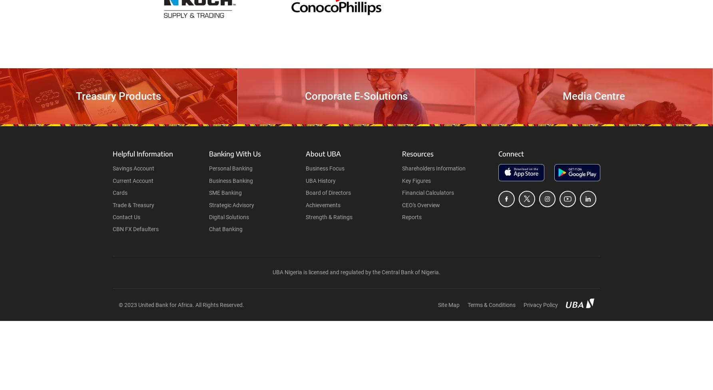  What do you see at coordinates (235, 154) in the screenshot?
I see `'Banking With Us'` at bounding box center [235, 154].